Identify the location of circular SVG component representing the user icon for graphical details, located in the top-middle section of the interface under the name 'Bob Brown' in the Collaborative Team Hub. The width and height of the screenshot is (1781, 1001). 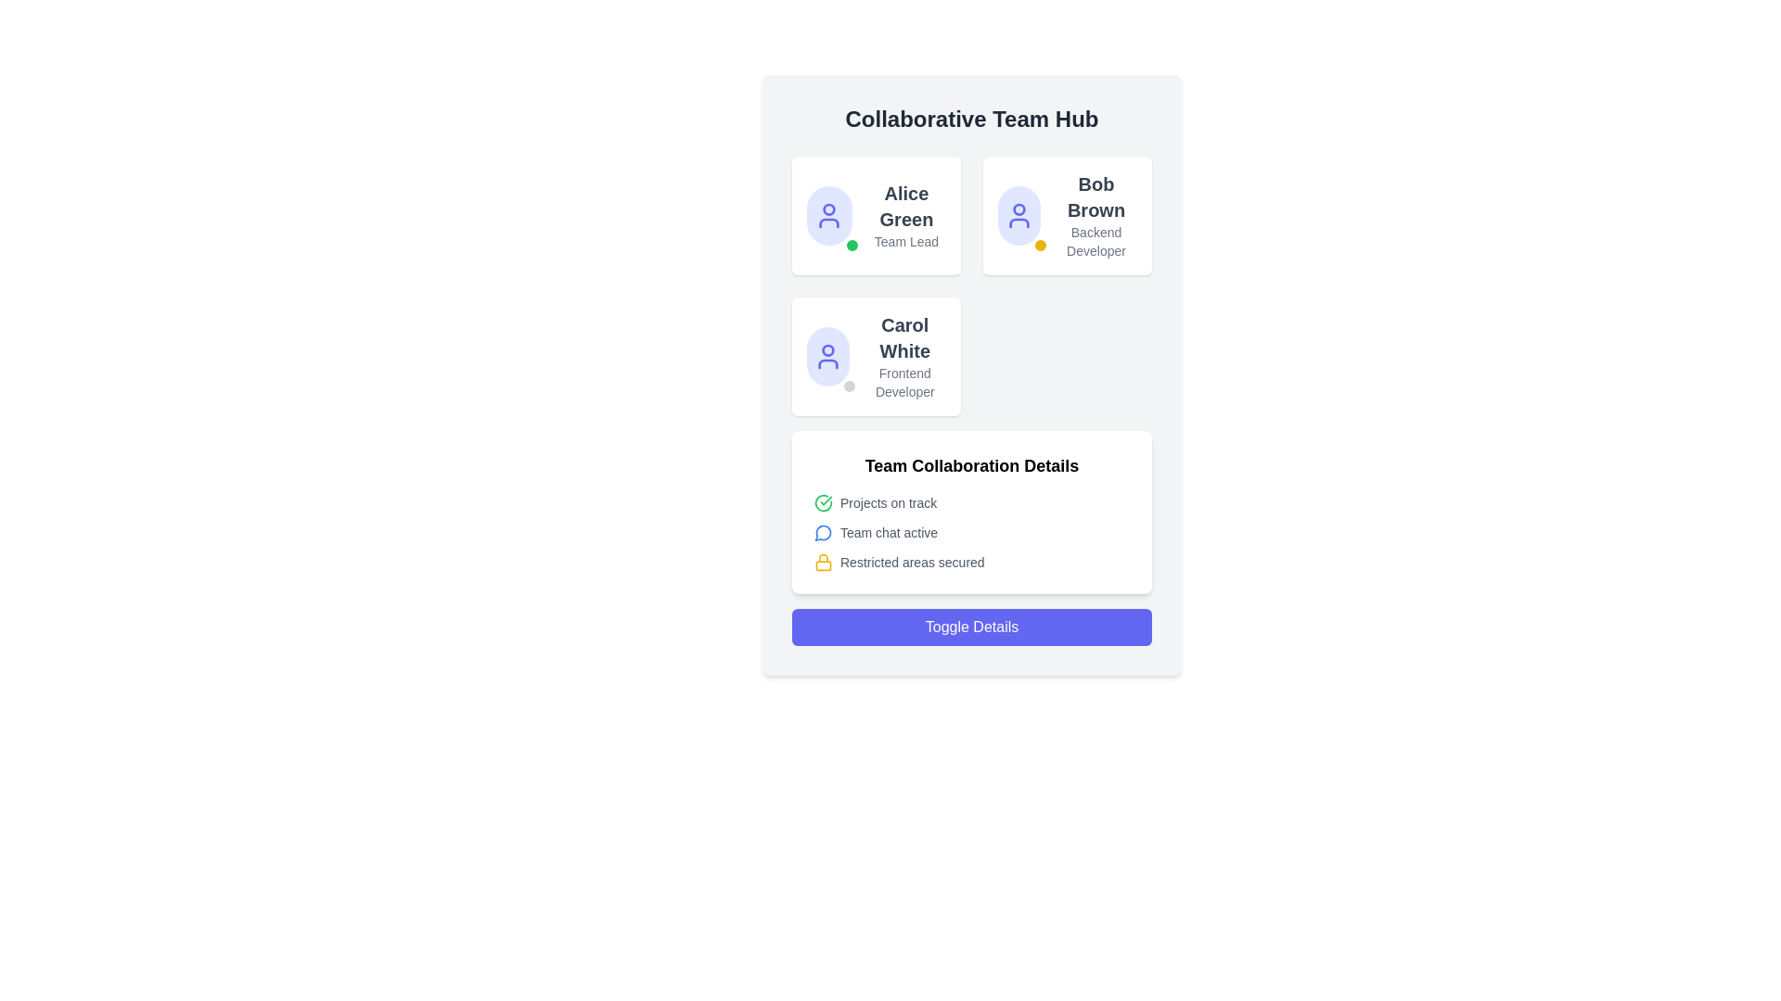
(1019, 209).